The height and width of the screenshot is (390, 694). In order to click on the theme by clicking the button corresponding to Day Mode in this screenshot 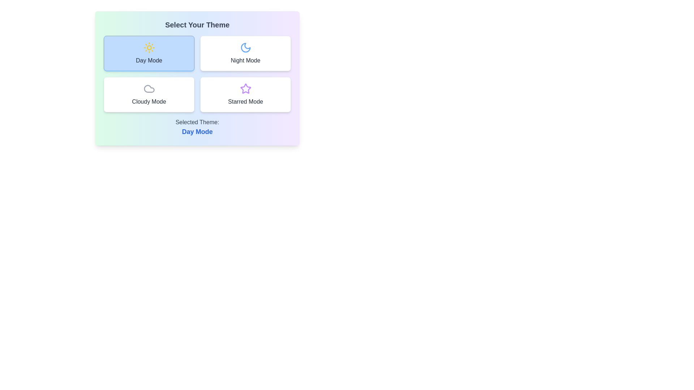, I will do `click(149, 53)`.